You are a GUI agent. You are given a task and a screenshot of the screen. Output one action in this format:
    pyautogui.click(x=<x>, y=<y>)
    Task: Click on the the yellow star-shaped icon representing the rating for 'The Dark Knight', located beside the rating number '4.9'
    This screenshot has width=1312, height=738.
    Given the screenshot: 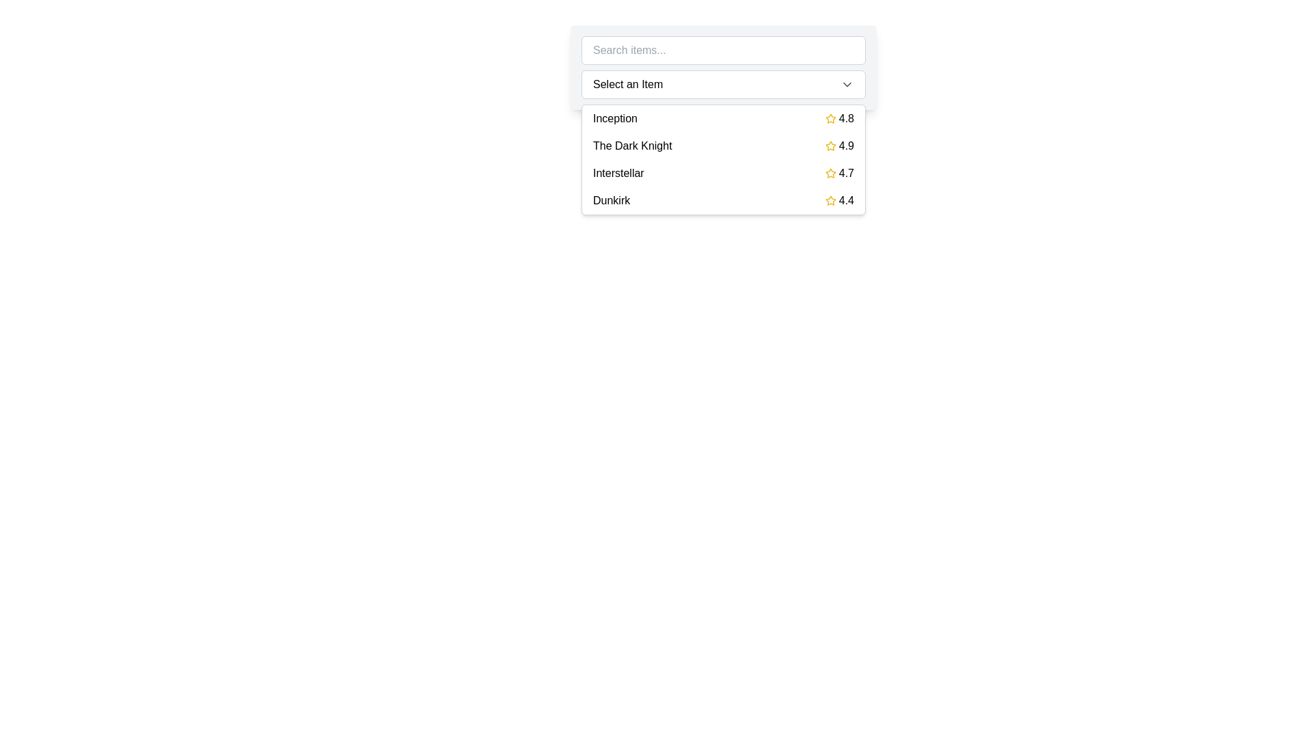 What is the action you would take?
    pyautogui.click(x=830, y=146)
    